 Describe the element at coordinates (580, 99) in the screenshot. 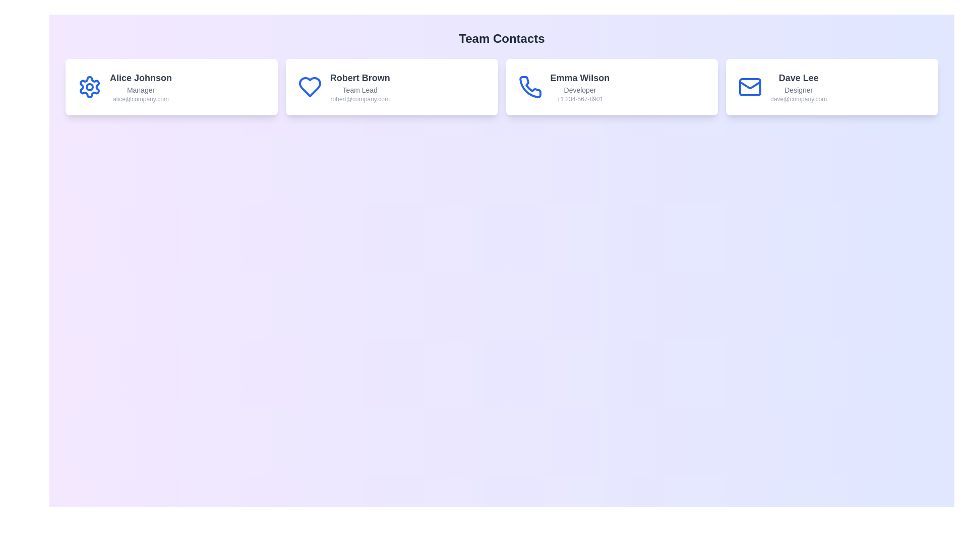

I see `the phone number text label of Emma Wilson, which is the last line of text in her contact card, positioned below 'Developer'` at that location.